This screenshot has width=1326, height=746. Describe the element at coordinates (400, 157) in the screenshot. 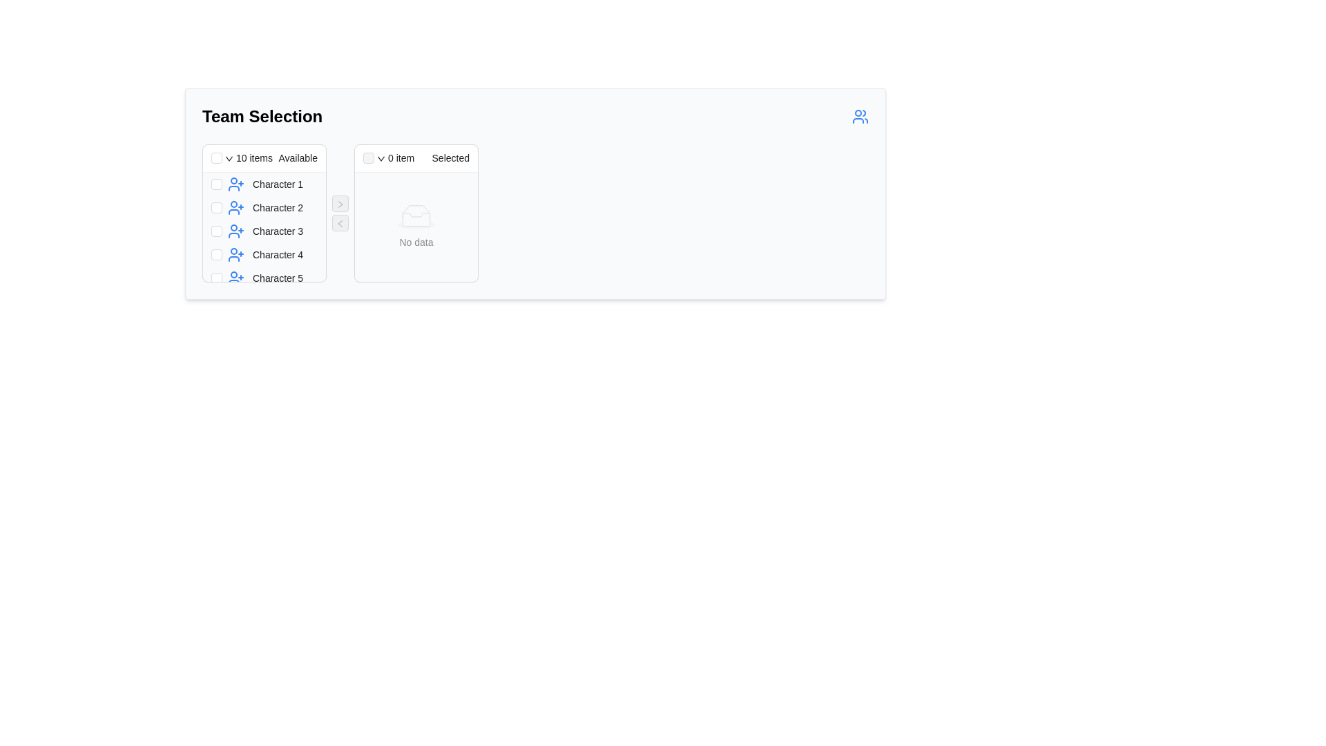

I see `the Text label that indicates the number of items currently selected in the 'Selected' panel of the 'ant-transfer-list-header' component` at that location.